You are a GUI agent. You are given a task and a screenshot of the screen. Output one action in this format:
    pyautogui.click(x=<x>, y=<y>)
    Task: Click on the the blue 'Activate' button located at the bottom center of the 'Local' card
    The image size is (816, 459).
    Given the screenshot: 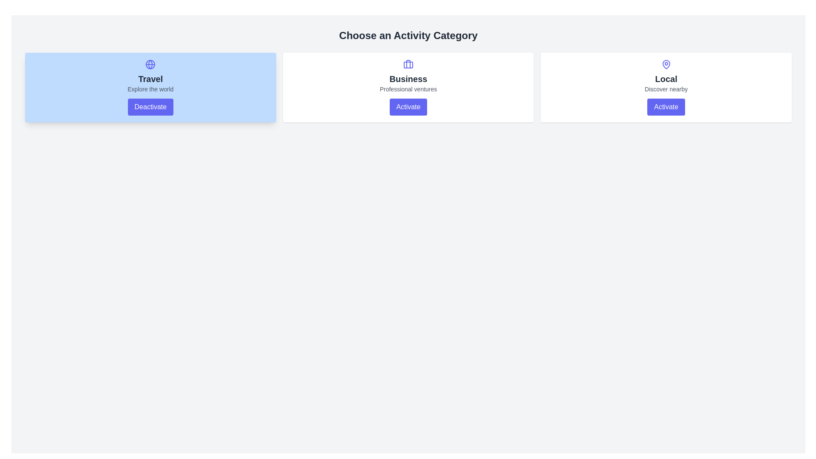 What is the action you would take?
    pyautogui.click(x=666, y=106)
    